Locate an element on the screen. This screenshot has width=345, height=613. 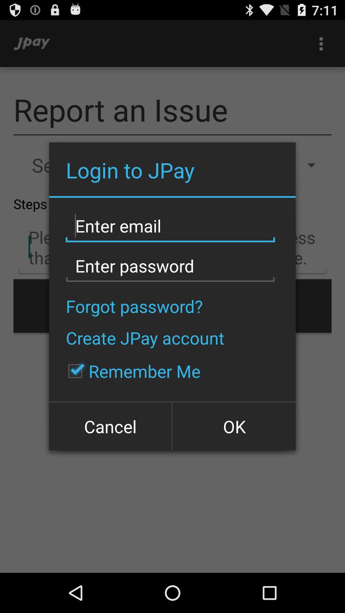
the item below the create jpay account is located at coordinates (131, 371).